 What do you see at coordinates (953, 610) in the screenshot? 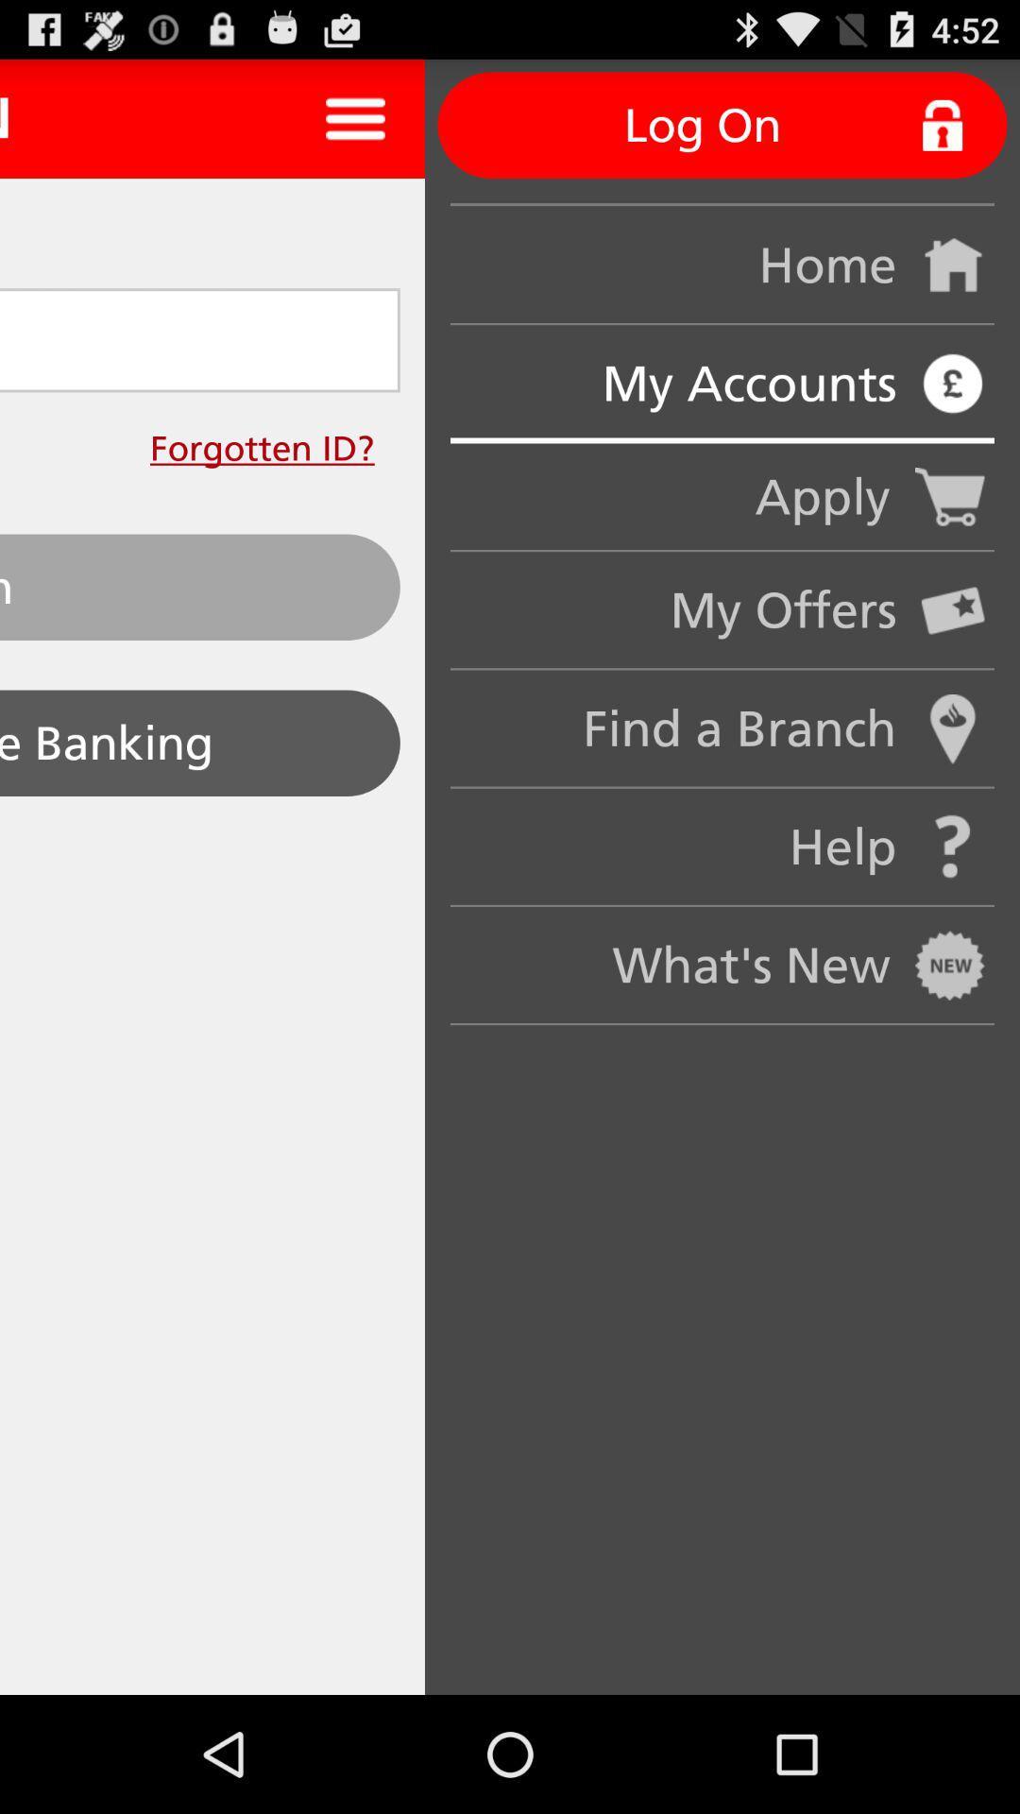
I see `icon on the right side of my offers` at bounding box center [953, 610].